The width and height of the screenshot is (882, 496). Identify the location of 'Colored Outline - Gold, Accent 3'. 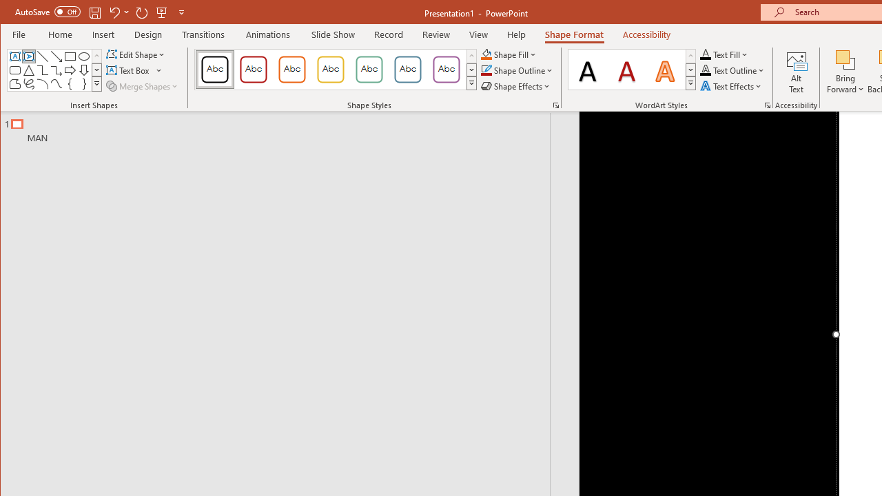
(331, 69).